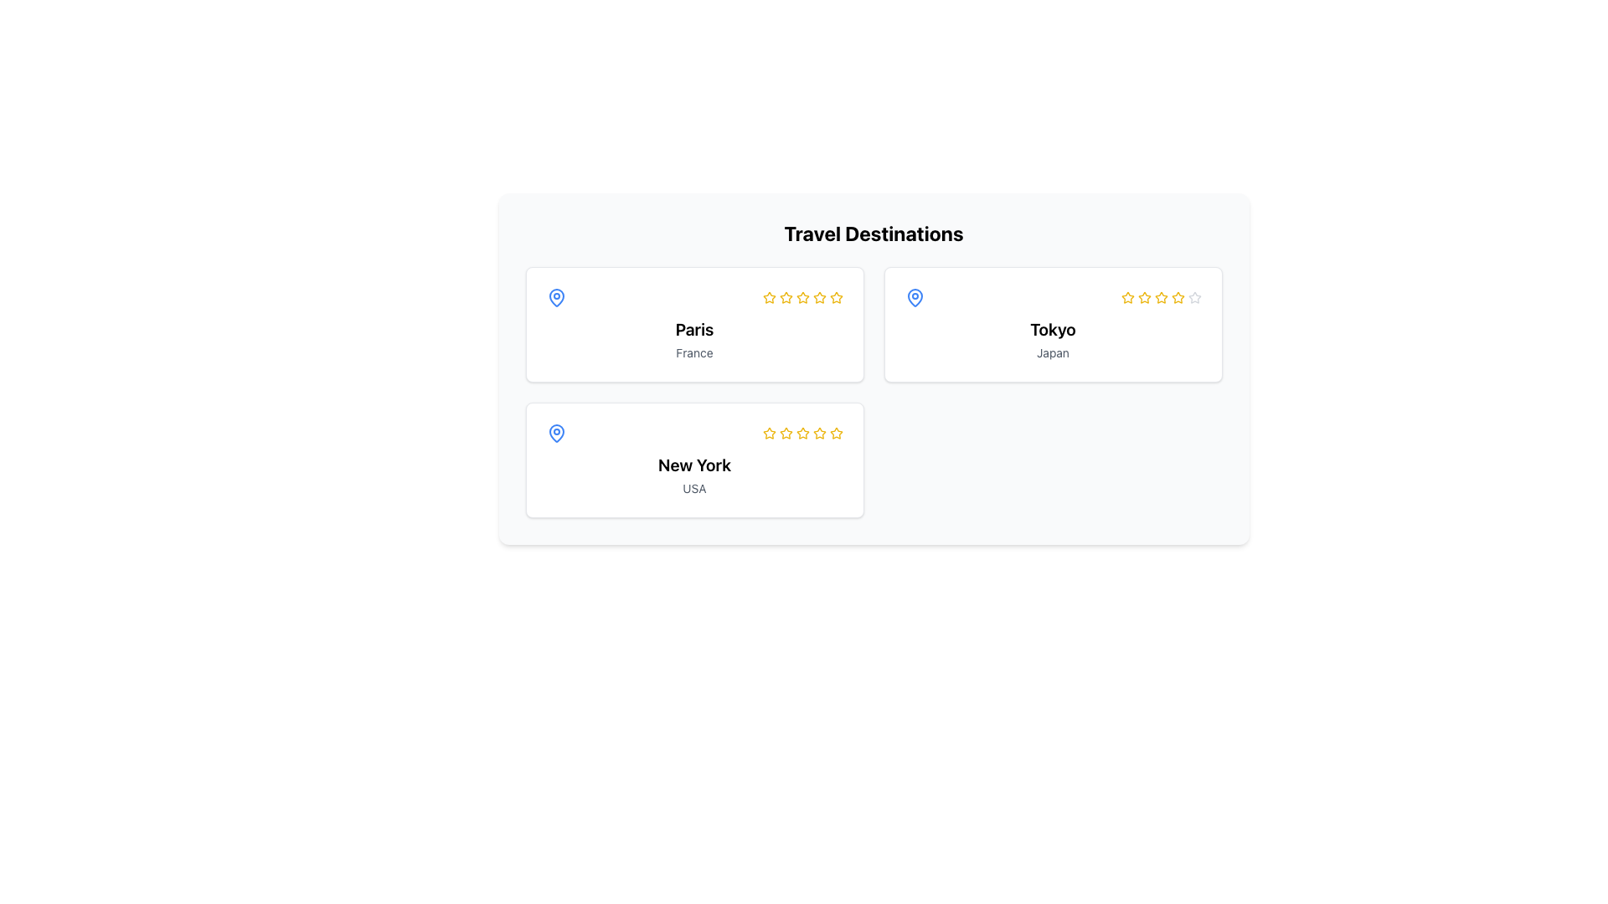 Image resolution: width=1608 pixels, height=904 pixels. I want to click on the first star icon in the rating system for the 'Paris' card, so click(785, 296).